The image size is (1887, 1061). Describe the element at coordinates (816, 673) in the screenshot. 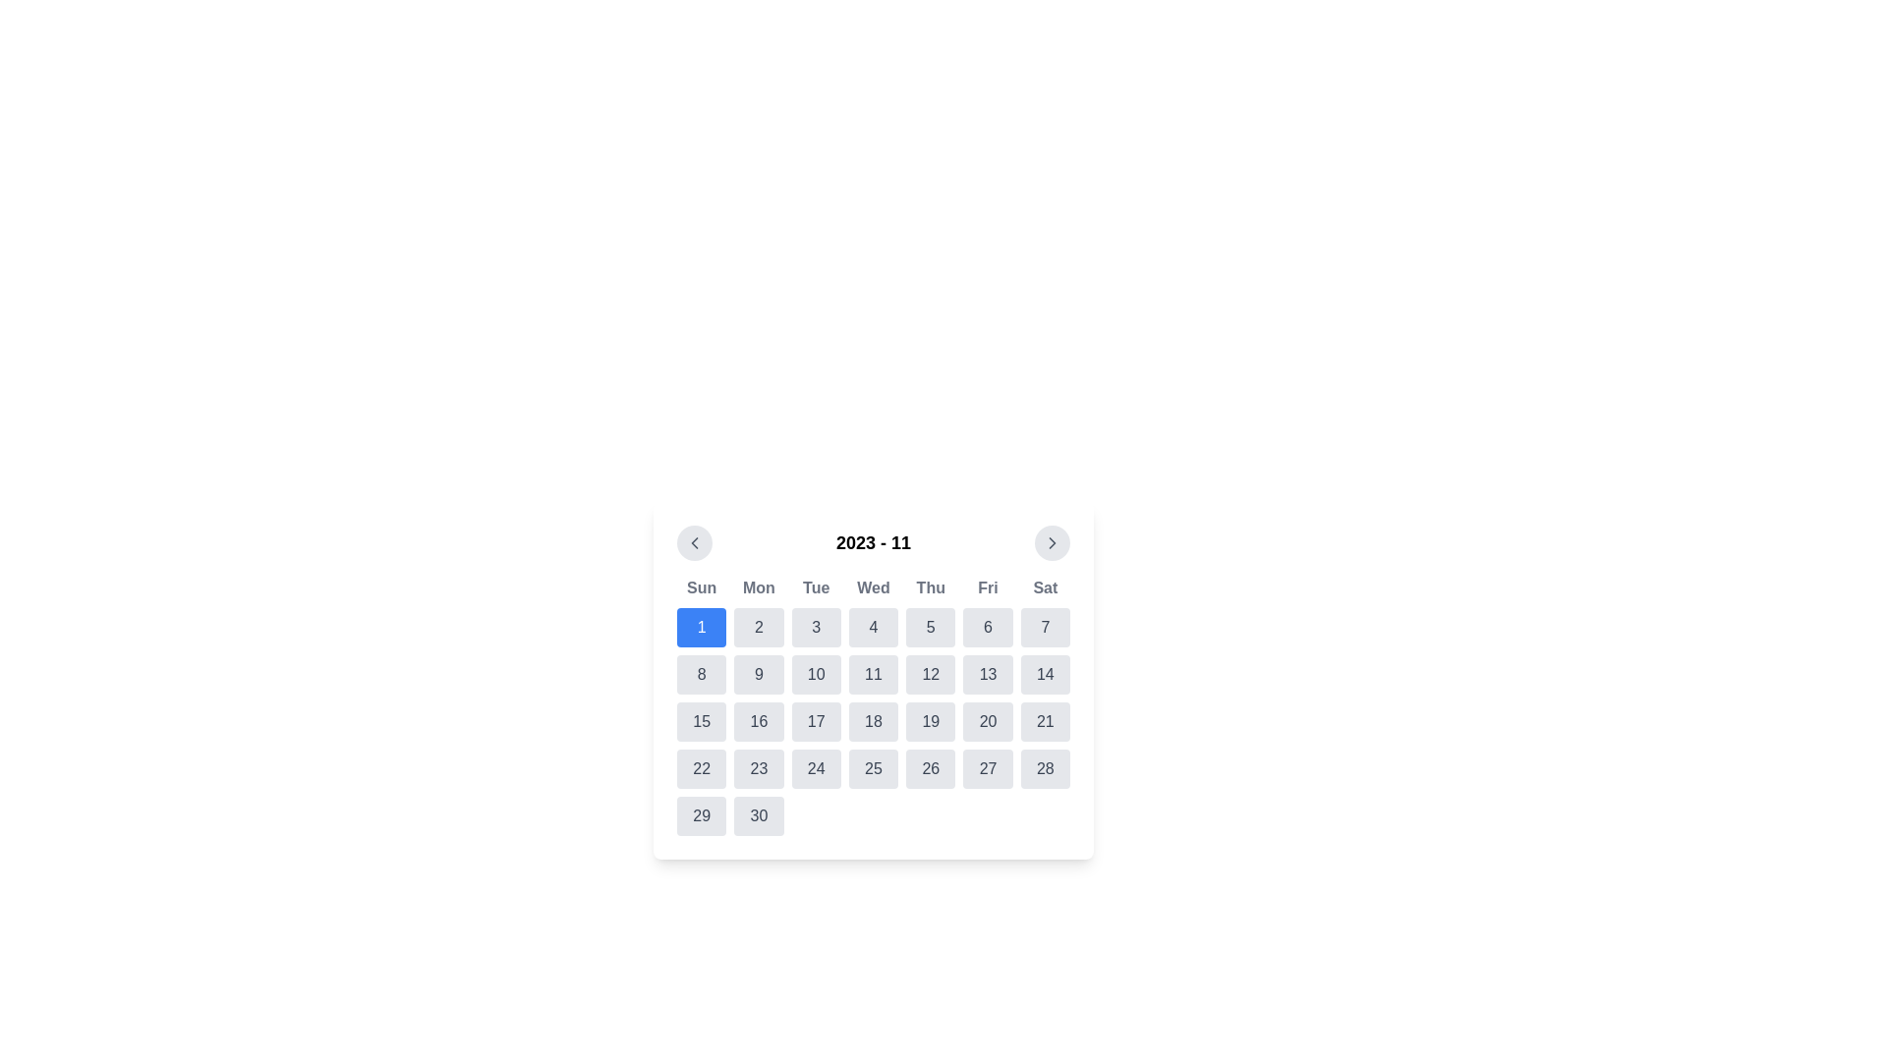

I see `the selectable day button representing the 10th day of the current month in the calendar to observe the background color change` at that location.